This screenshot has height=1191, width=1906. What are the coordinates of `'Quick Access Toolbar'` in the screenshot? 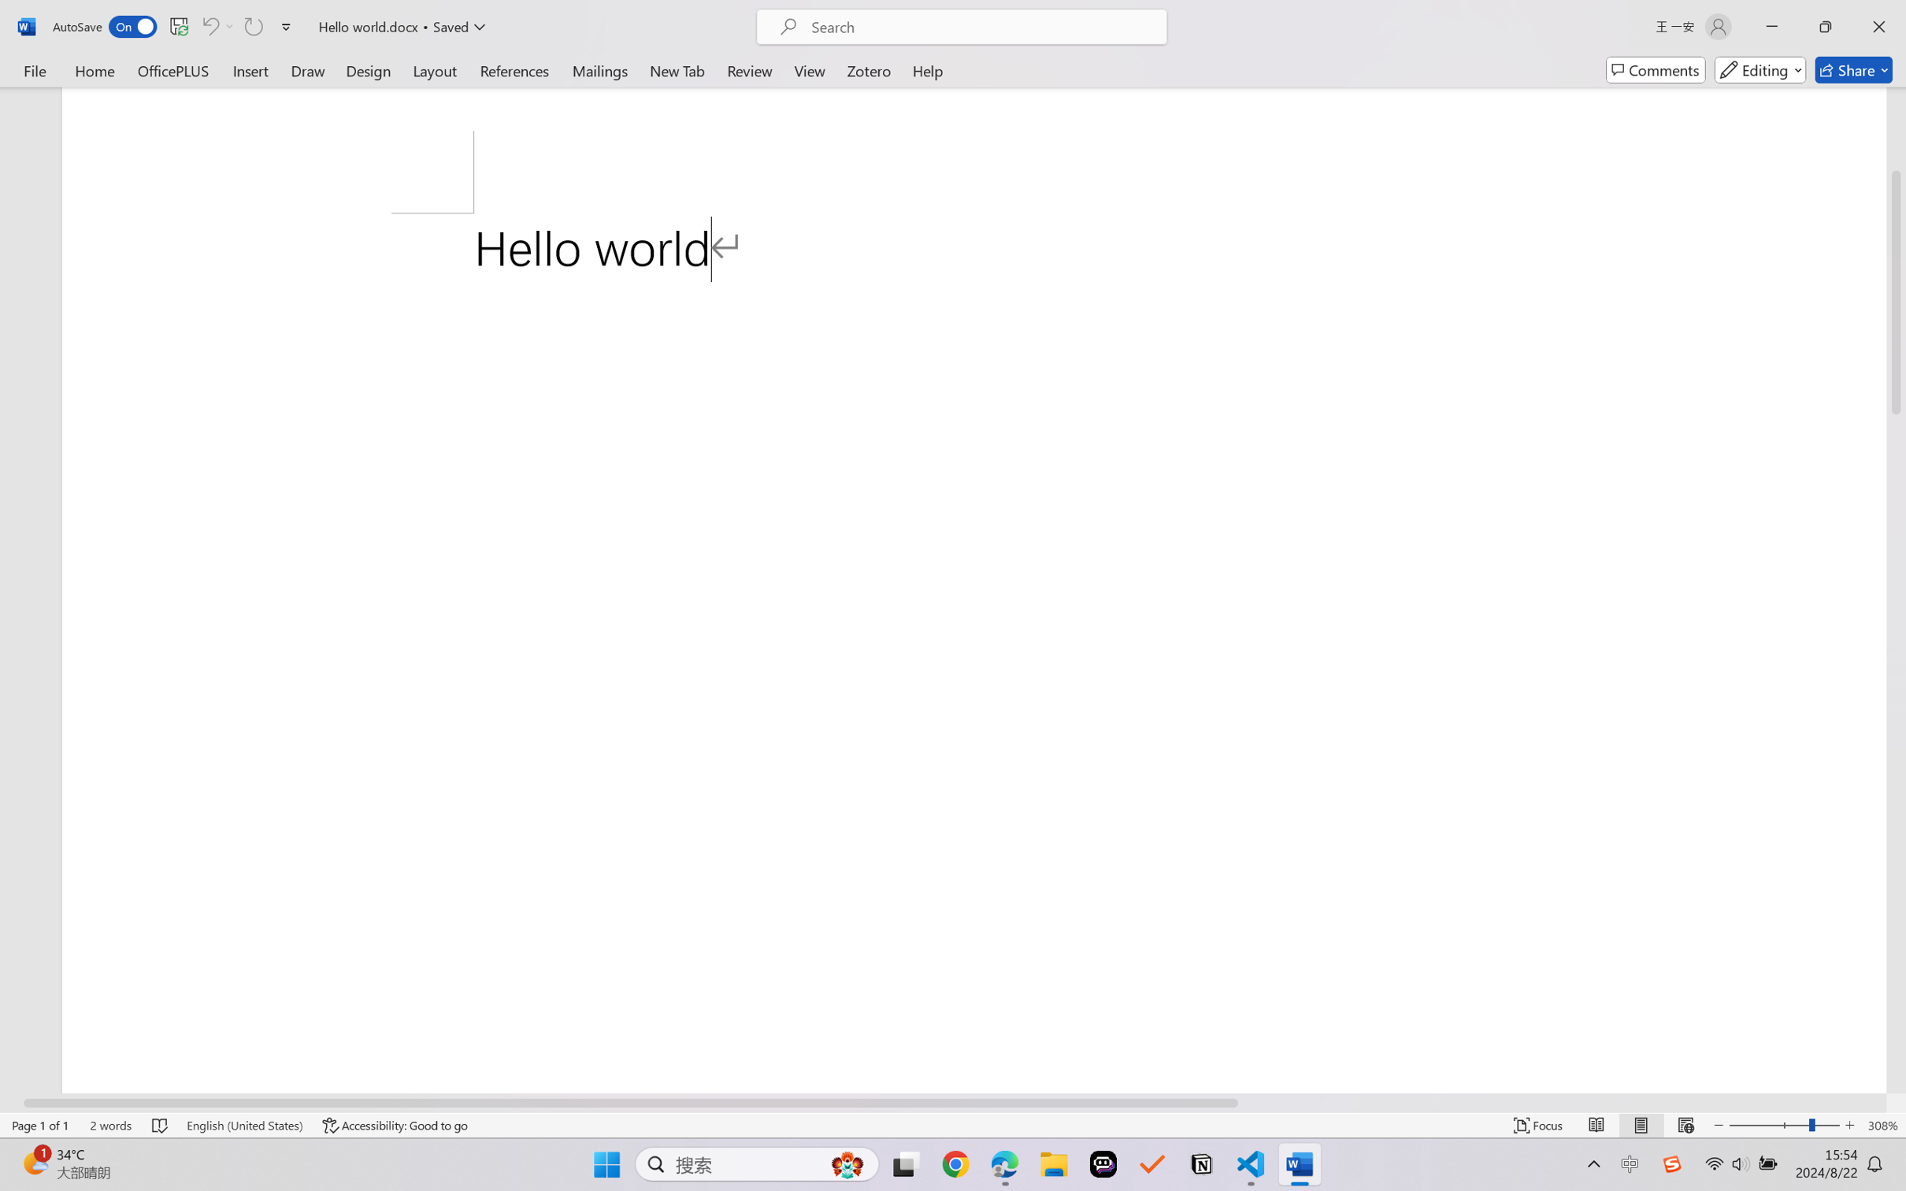 It's located at (175, 26).